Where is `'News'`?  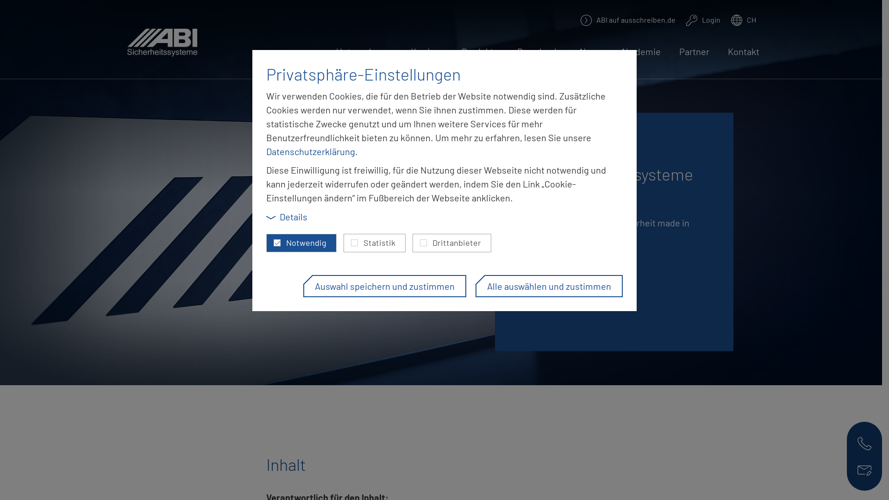
'News' is located at coordinates (590, 56).